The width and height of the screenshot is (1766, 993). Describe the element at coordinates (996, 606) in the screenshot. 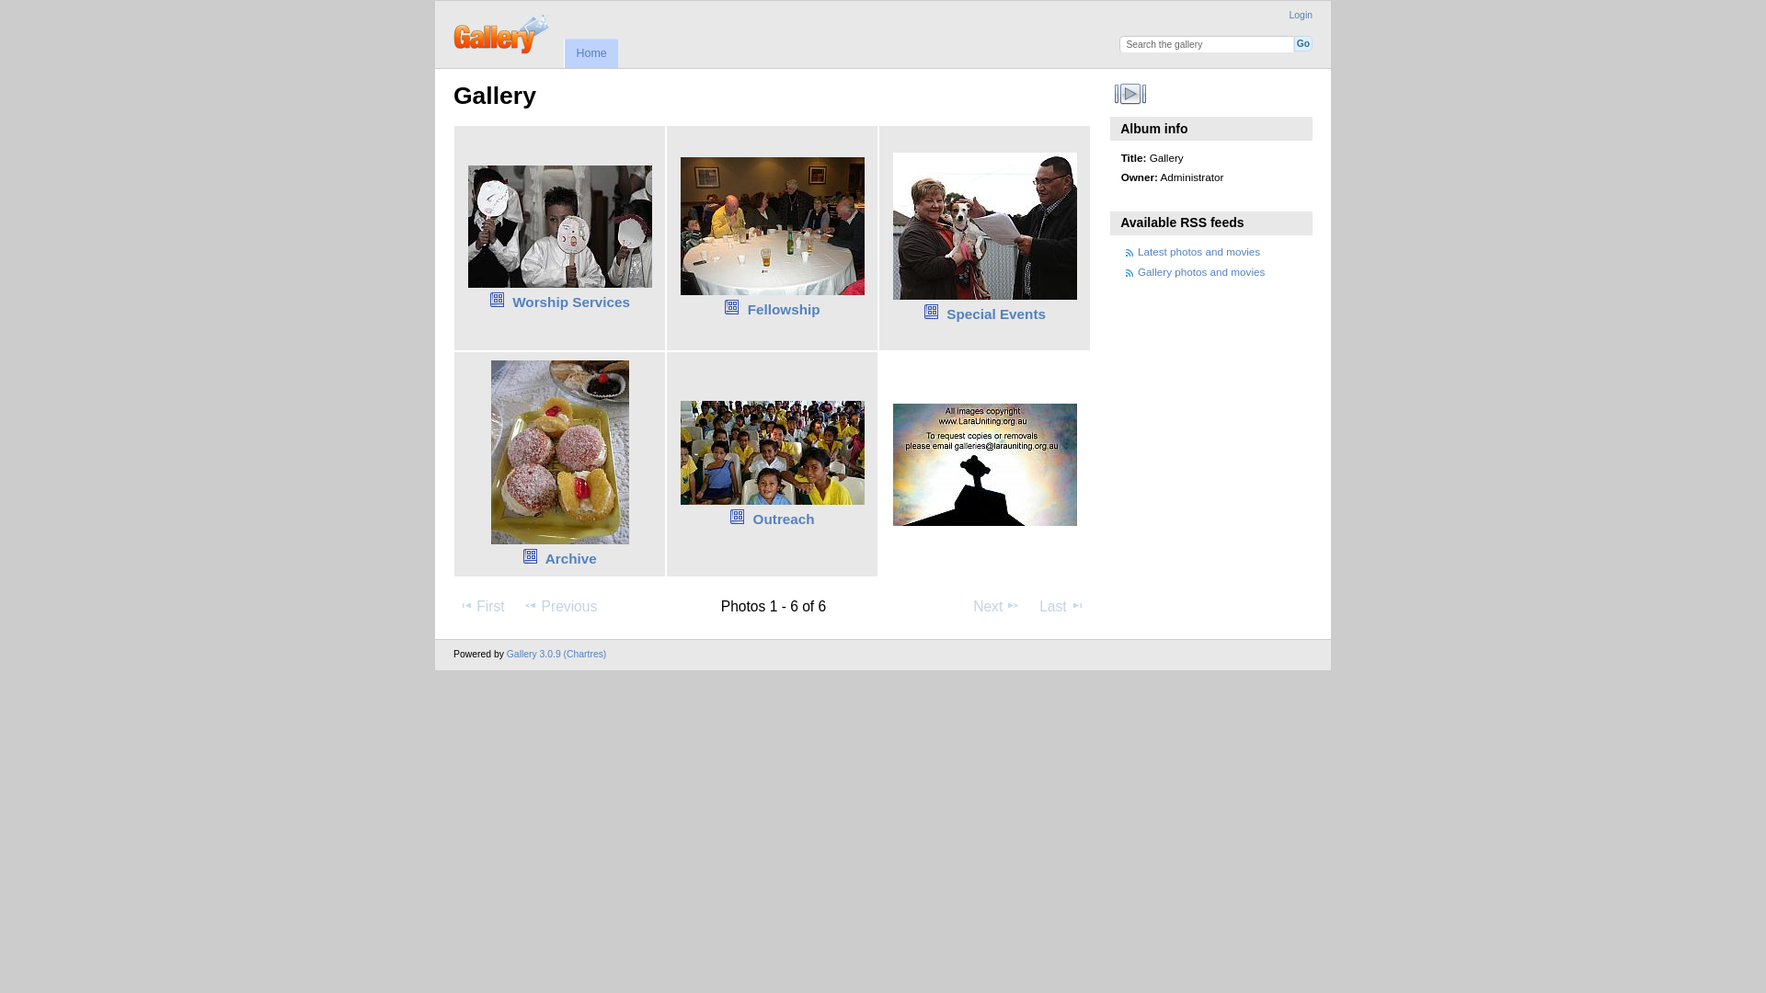

I see `'Next'` at that location.